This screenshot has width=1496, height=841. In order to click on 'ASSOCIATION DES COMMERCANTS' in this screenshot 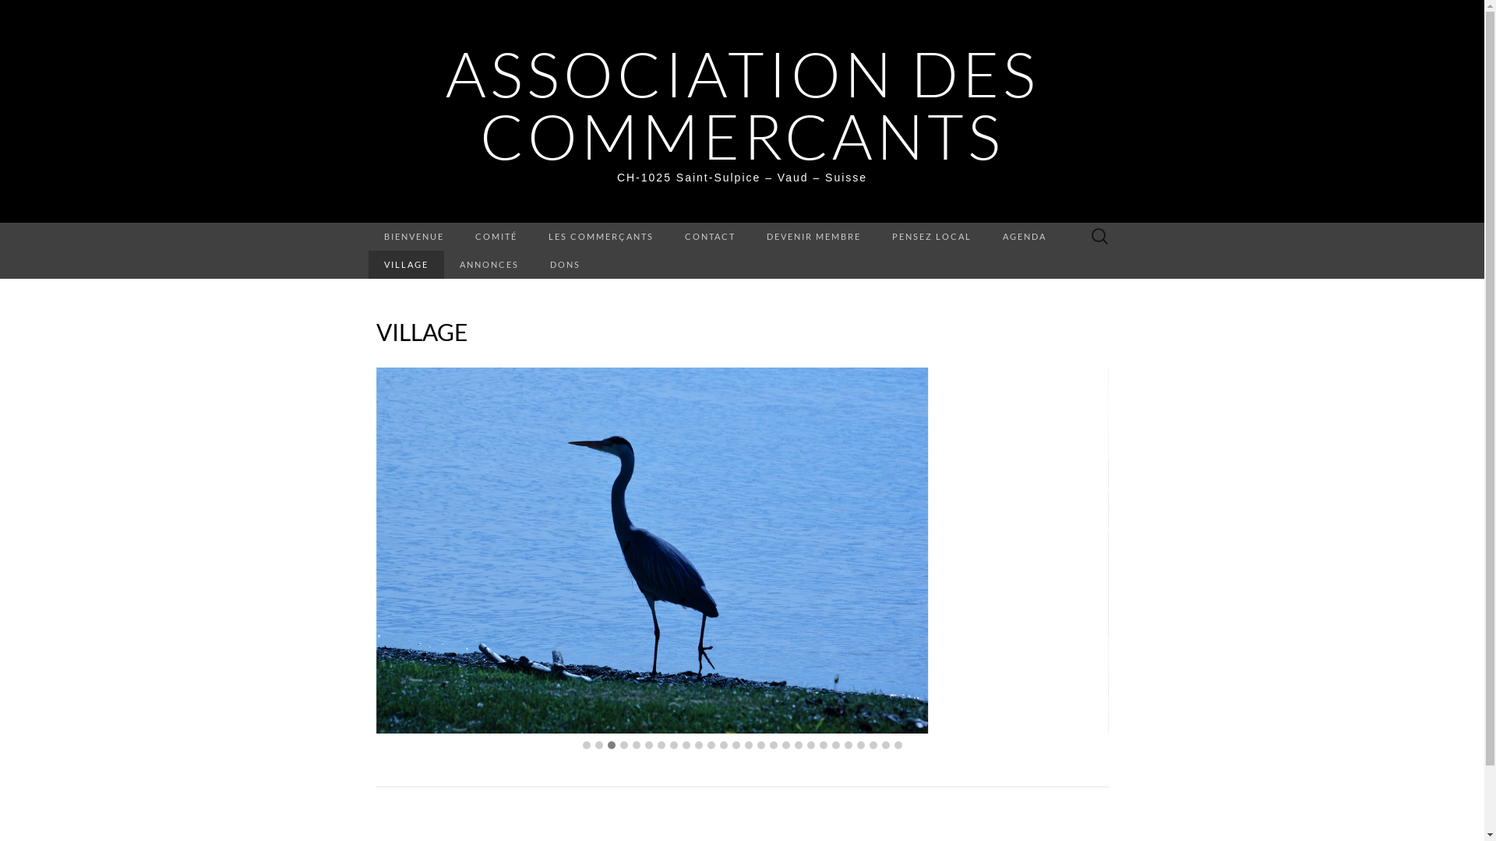, I will do `click(444, 104)`.